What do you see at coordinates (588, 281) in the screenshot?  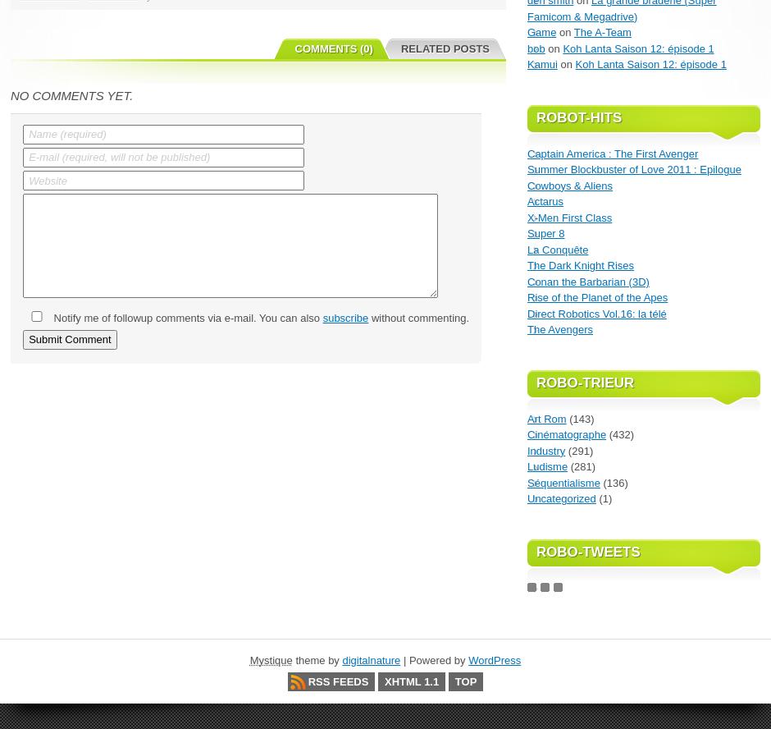 I see `'Conan the Barbarian (3D)'` at bounding box center [588, 281].